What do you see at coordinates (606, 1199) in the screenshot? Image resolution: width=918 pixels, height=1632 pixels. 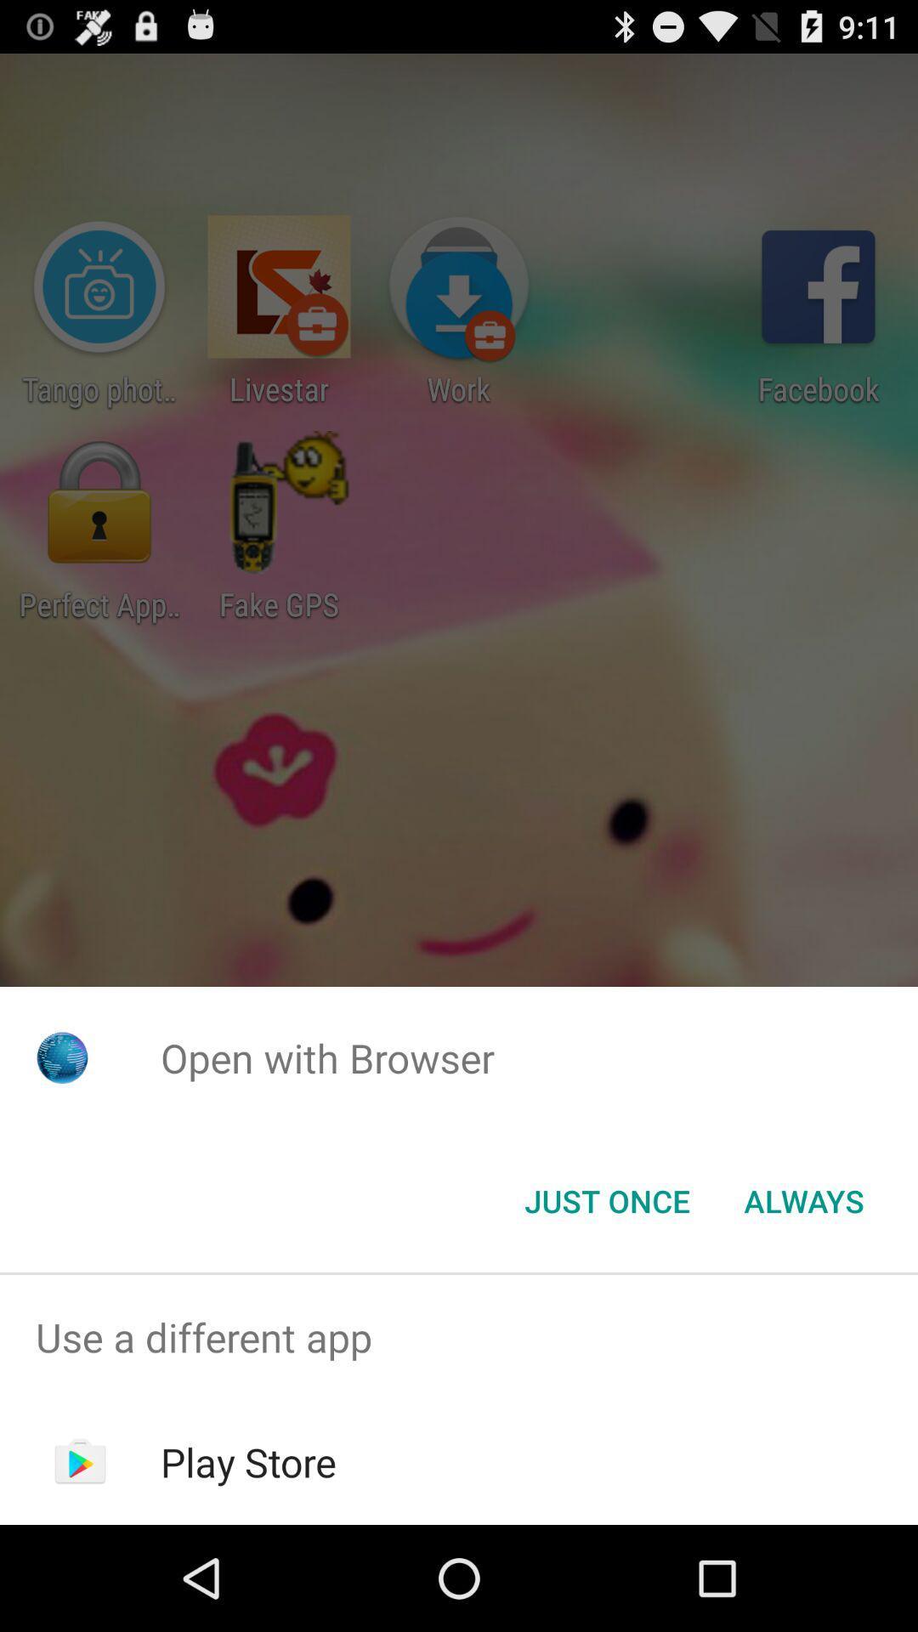 I see `just once item` at bounding box center [606, 1199].